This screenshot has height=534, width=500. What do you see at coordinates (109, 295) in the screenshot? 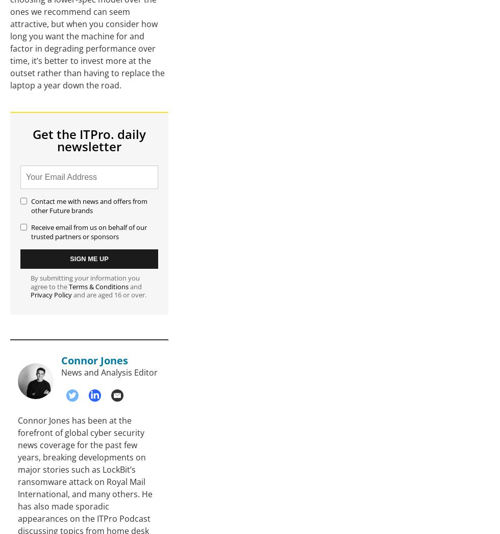
I see `'and are aged 16 or over.'` at bounding box center [109, 295].